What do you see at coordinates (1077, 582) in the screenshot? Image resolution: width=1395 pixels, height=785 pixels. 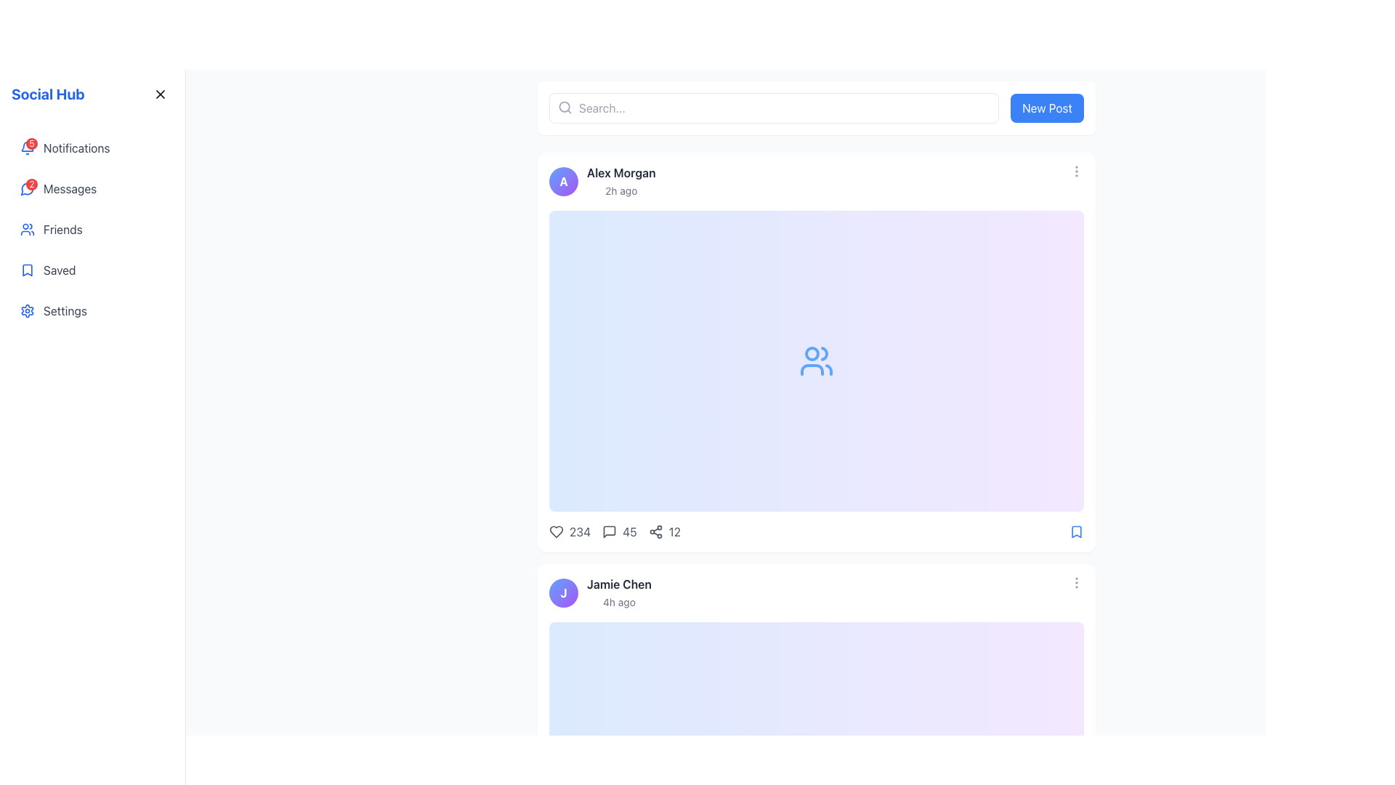 I see `the menu trigger button in the top-right corner of Jamie Chen's post to observe the color change` at bounding box center [1077, 582].